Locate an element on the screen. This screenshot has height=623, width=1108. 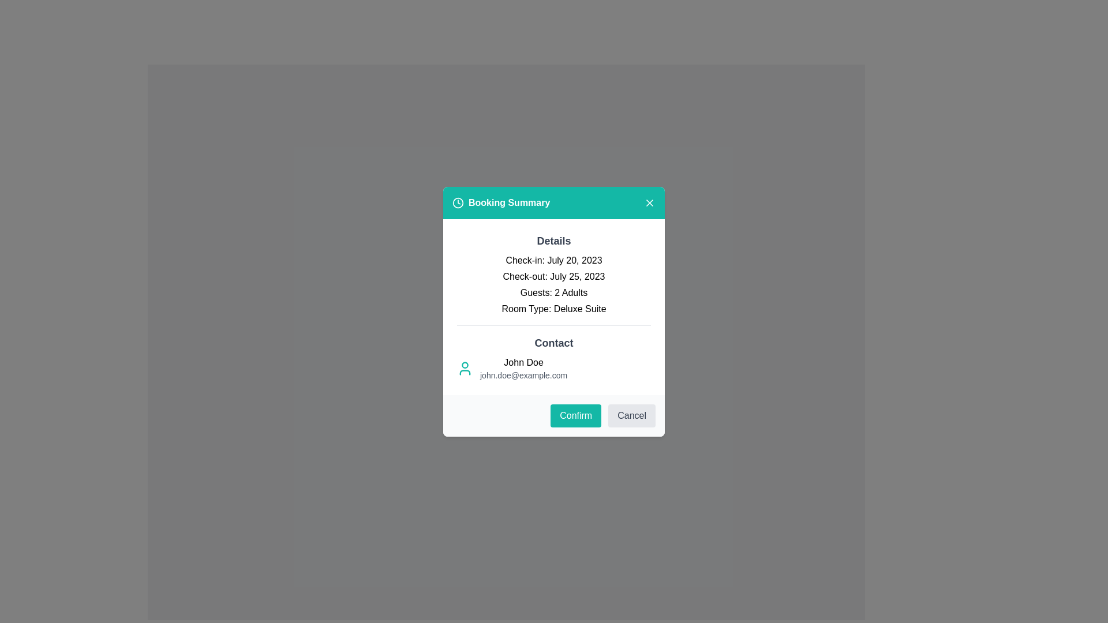
the cancellation button located at the bottom right of the modal dialog is located at coordinates (631, 415).